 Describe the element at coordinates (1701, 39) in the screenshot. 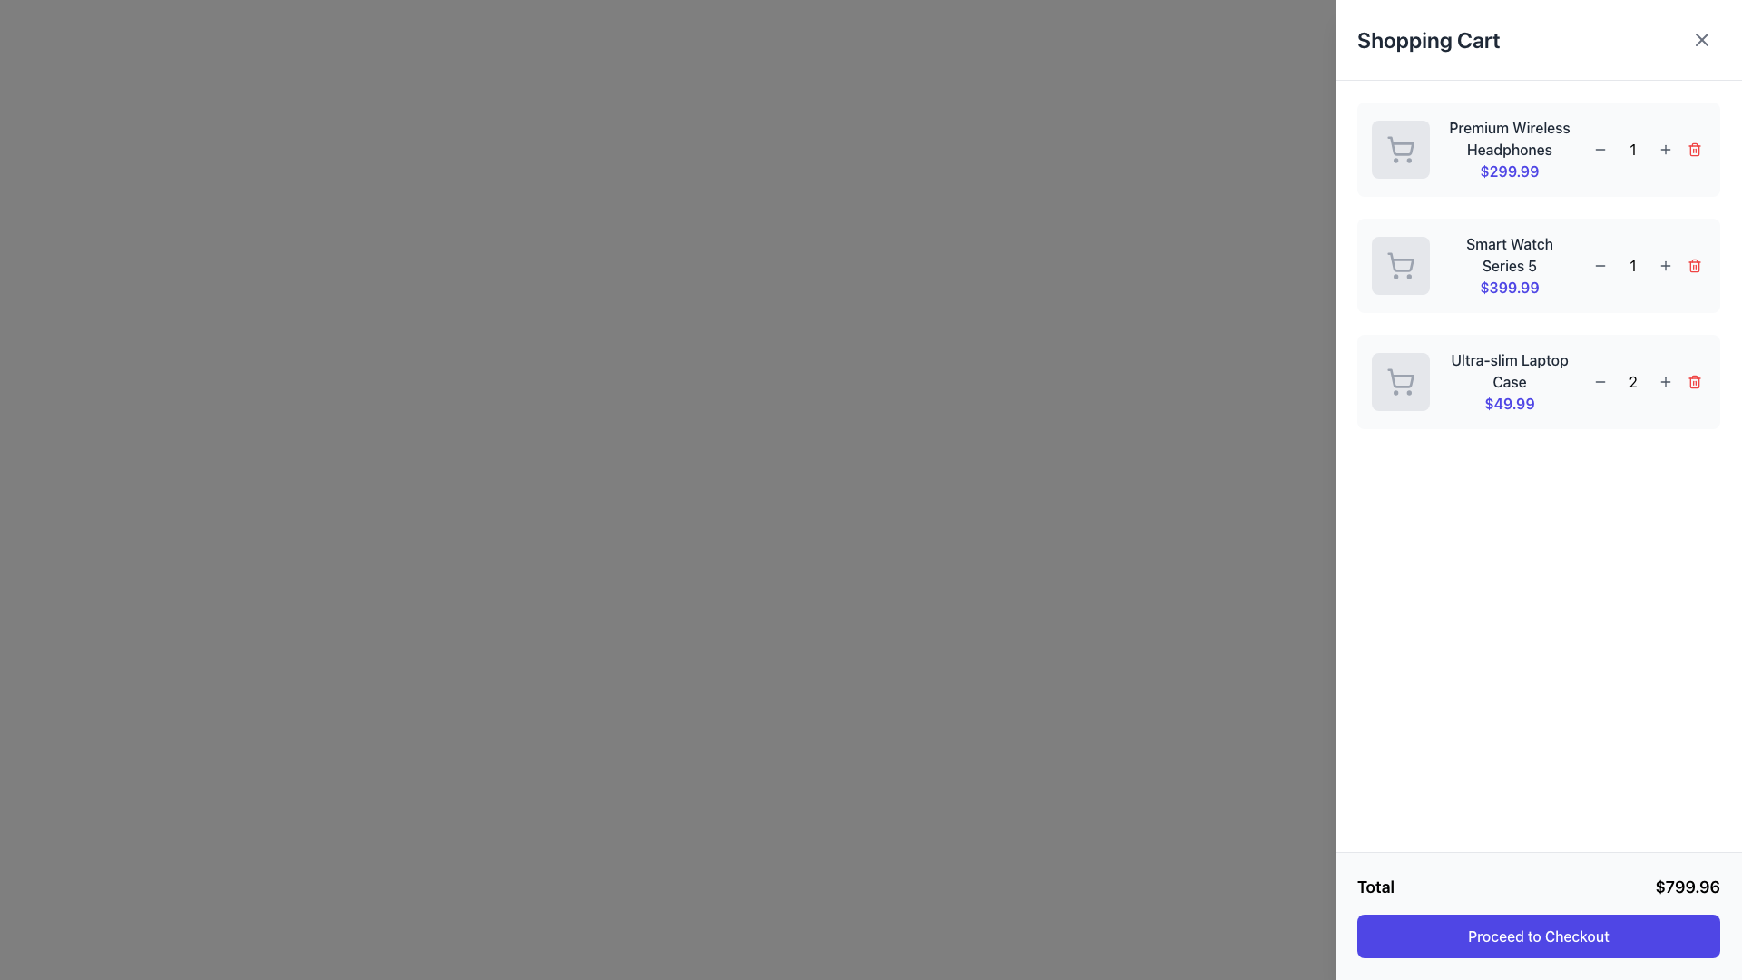

I see `the close button in the top-right corner of the shopping cart panel` at that location.